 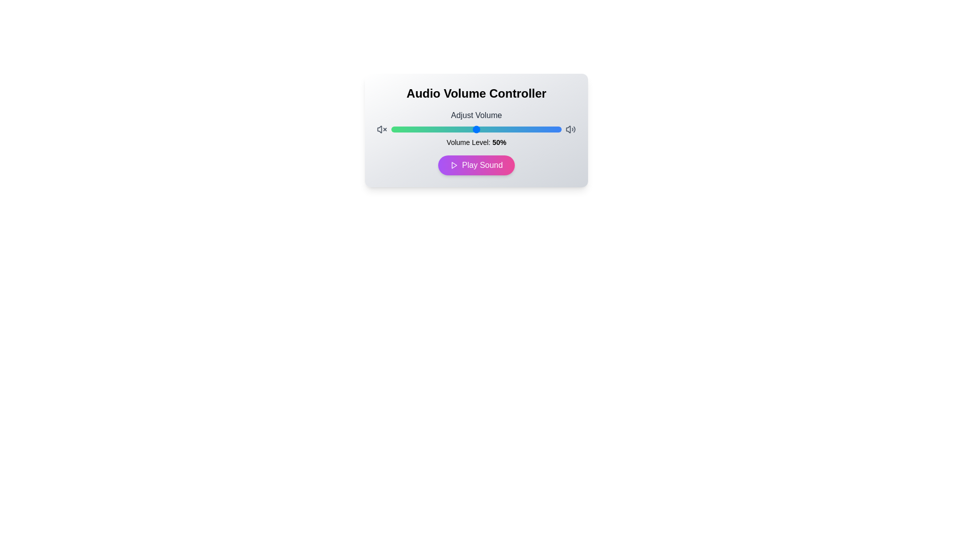 What do you see at coordinates (556, 129) in the screenshot?
I see `the volume to 97% using the slider` at bounding box center [556, 129].